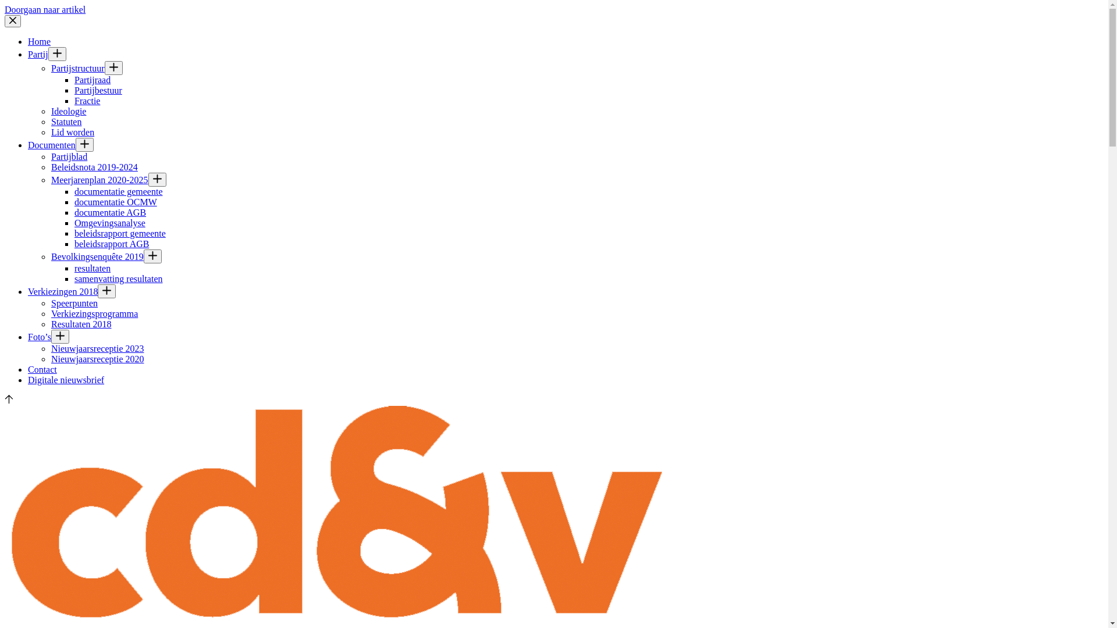  I want to click on 'Speerpunten', so click(74, 302).